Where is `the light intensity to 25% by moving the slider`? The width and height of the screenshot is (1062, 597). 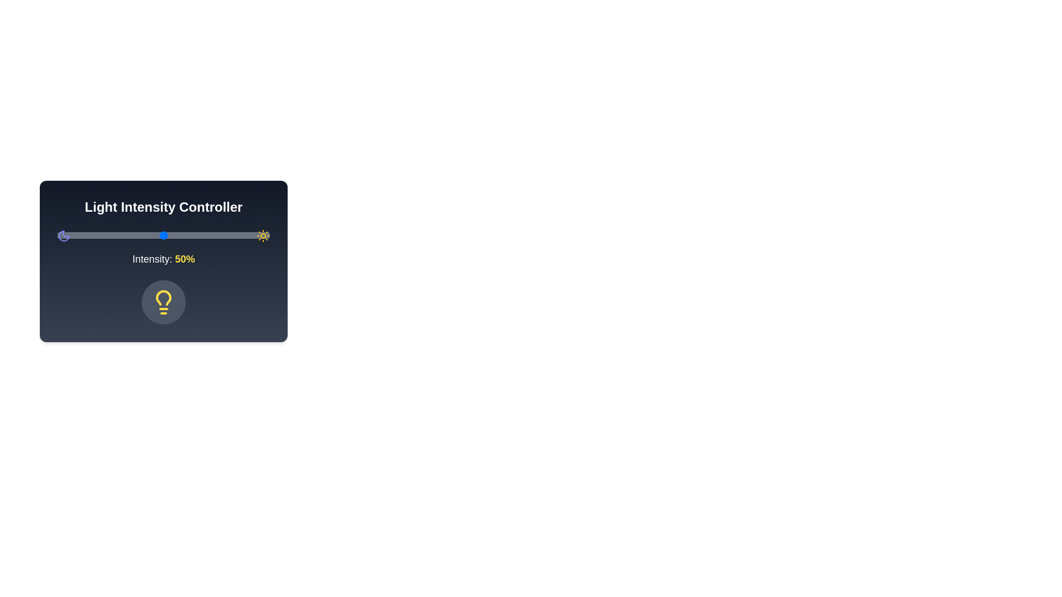 the light intensity to 25% by moving the slider is located at coordinates (111, 234).